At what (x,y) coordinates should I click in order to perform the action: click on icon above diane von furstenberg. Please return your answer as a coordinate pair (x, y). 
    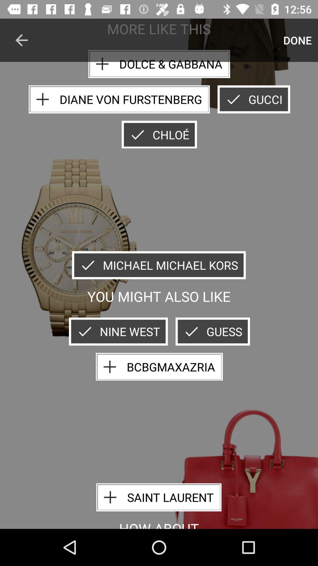
    Looking at the image, I should click on (159, 64).